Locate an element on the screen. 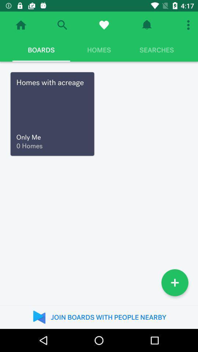 This screenshot has width=198, height=352. join boards with item is located at coordinates (99, 317).